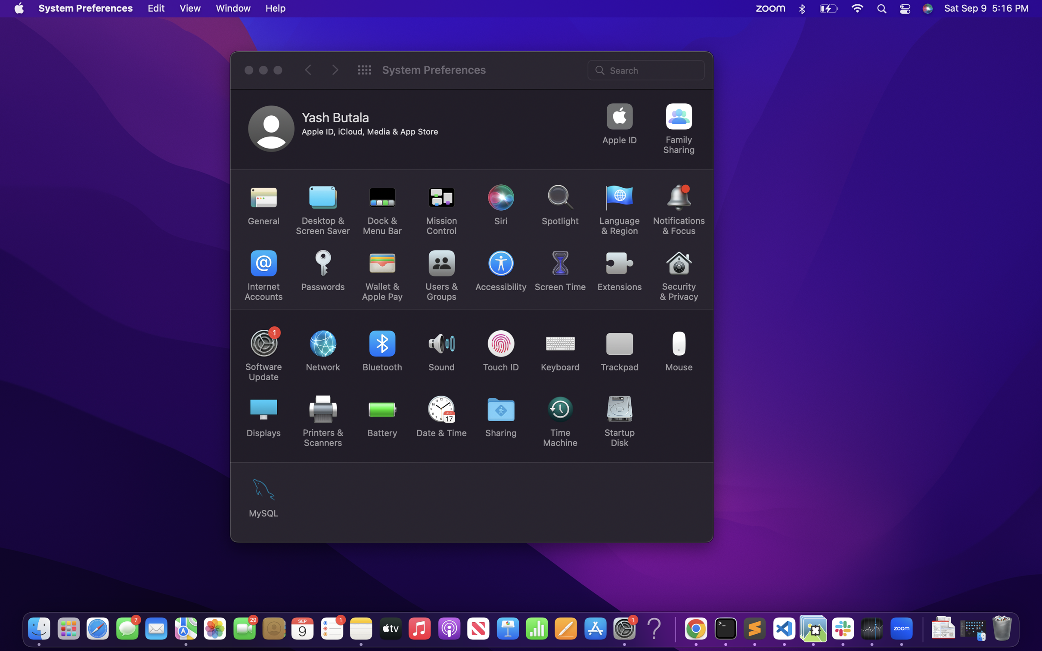  What do you see at coordinates (320, 419) in the screenshot?
I see `the preferences to alter the primary printer` at bounding box center [320, 419].